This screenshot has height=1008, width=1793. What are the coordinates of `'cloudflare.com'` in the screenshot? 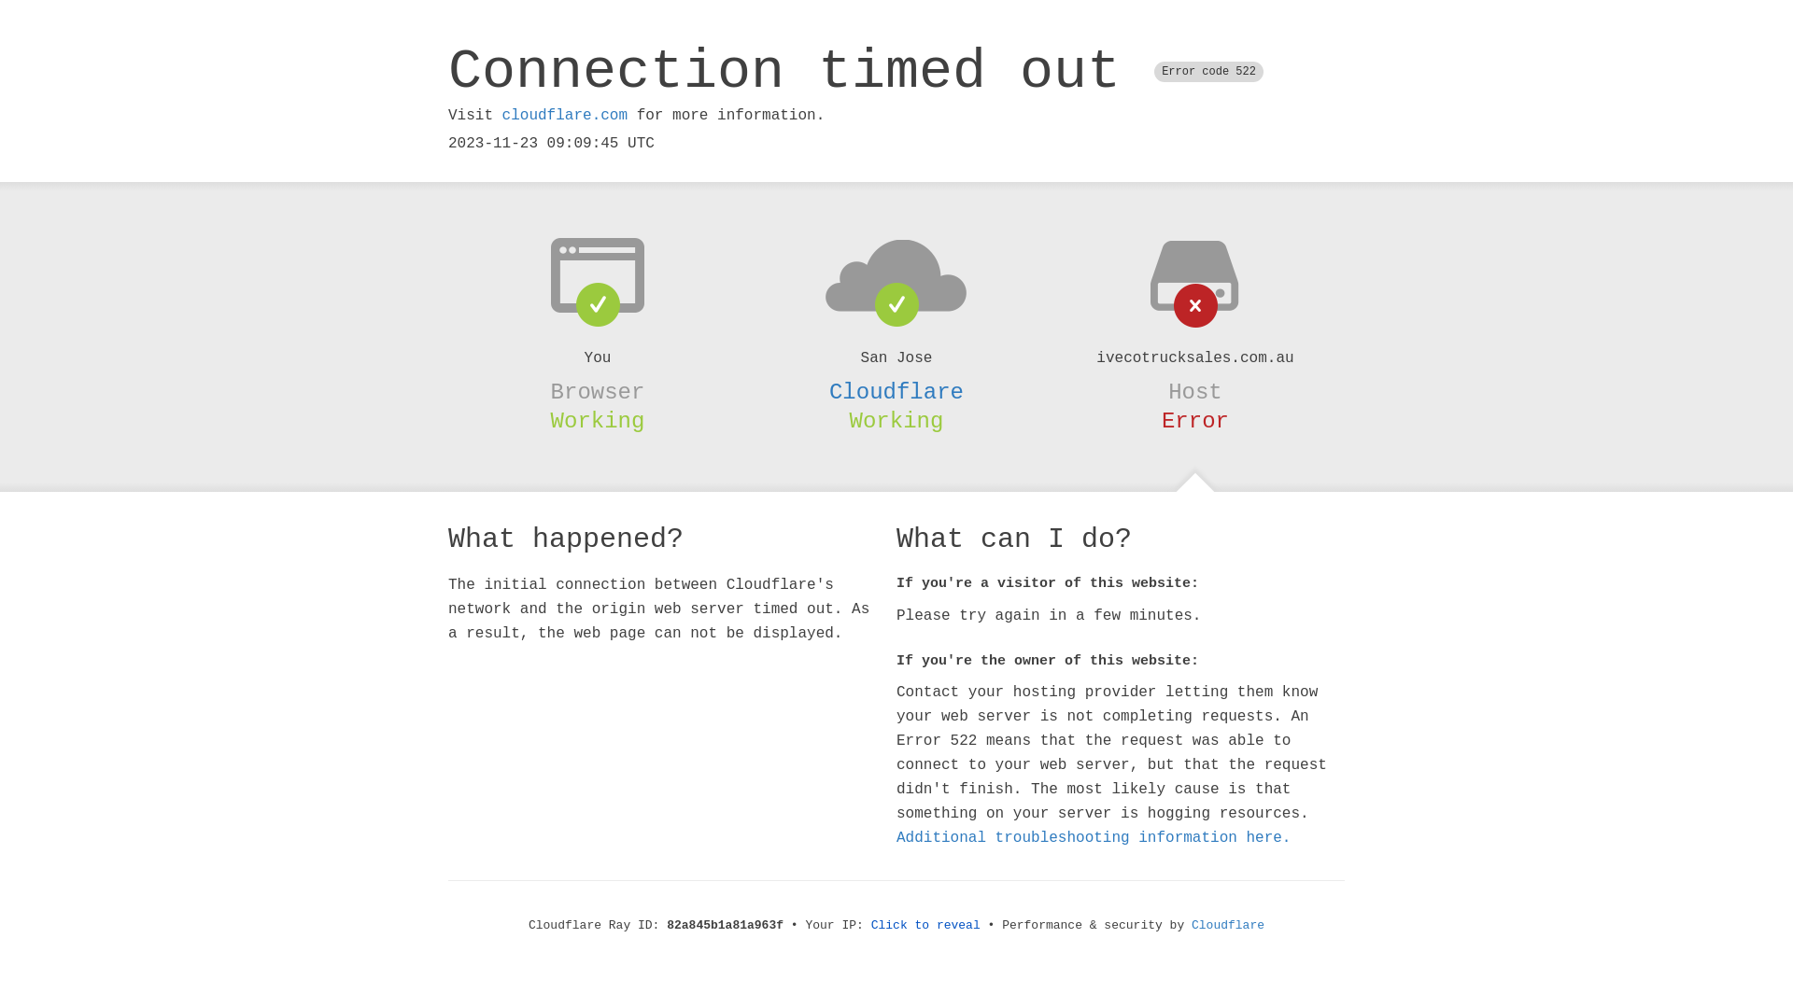 It's located at (563, 115).